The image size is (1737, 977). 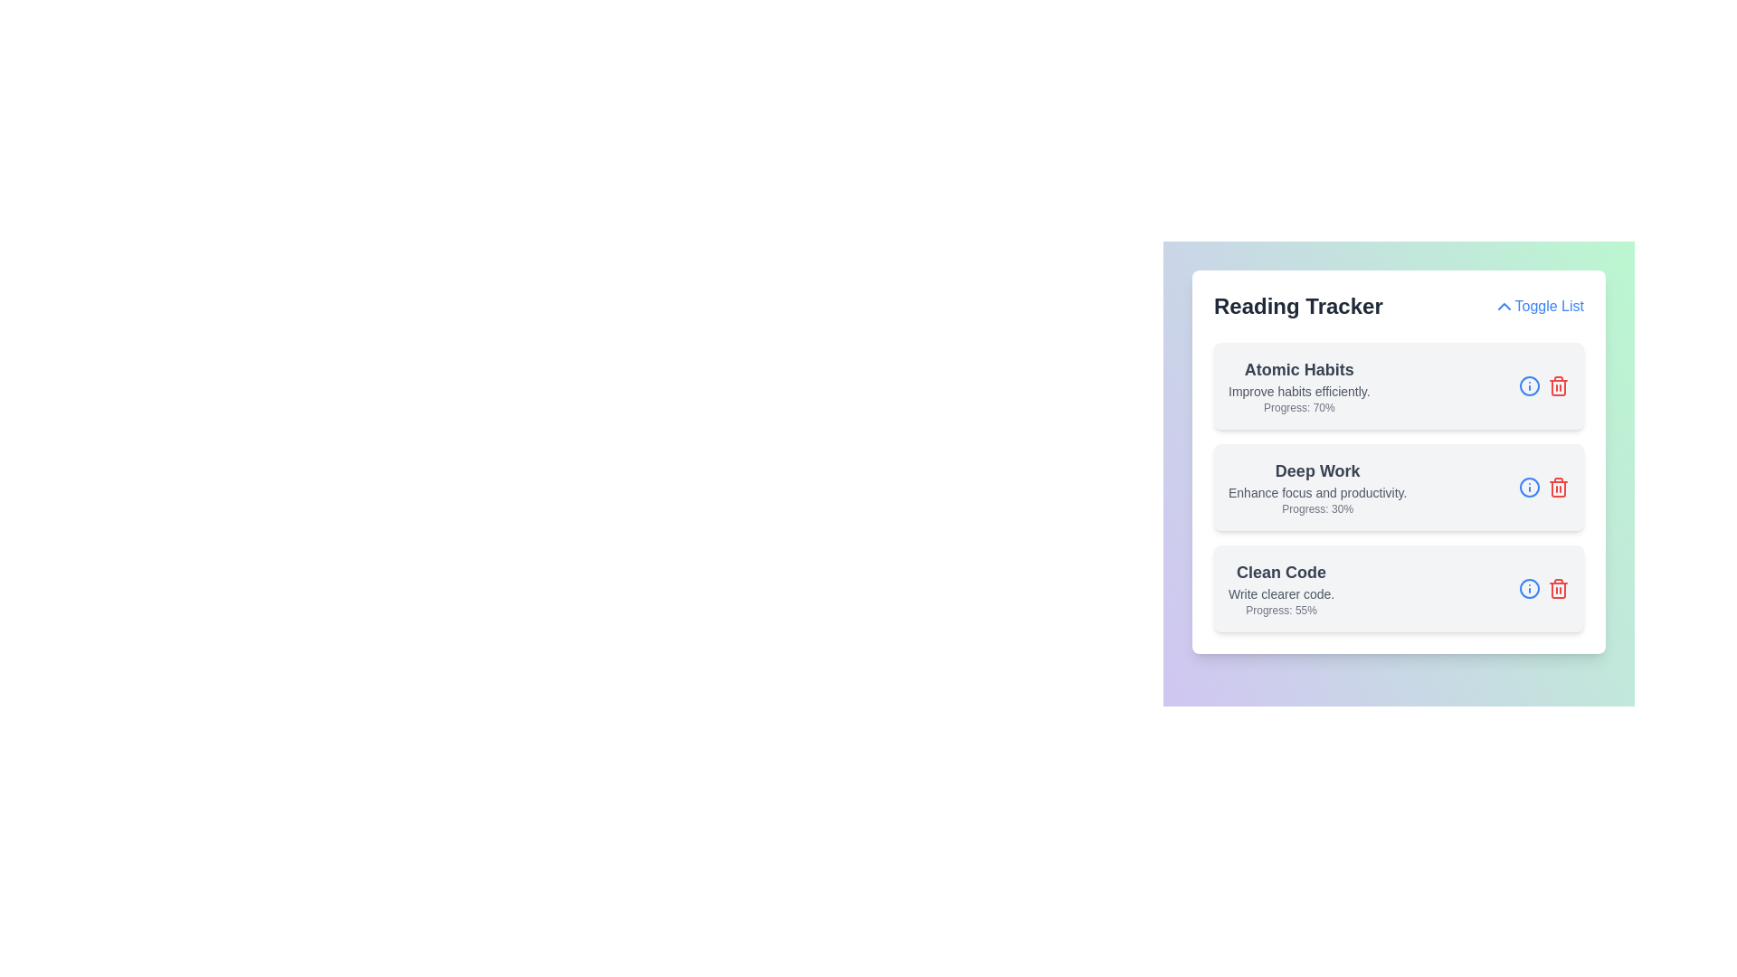 I want to click on the circular button in the action button group for the 'Atomic Habits' item located at the rightmost section of its card under the 'Reading Tracker' heading, so click(x=1543, y=385).